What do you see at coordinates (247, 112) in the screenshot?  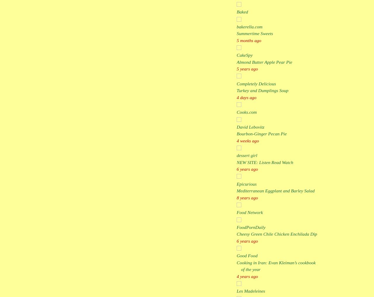 I see `'Cooks.com'` at bounding box center [247, 112].